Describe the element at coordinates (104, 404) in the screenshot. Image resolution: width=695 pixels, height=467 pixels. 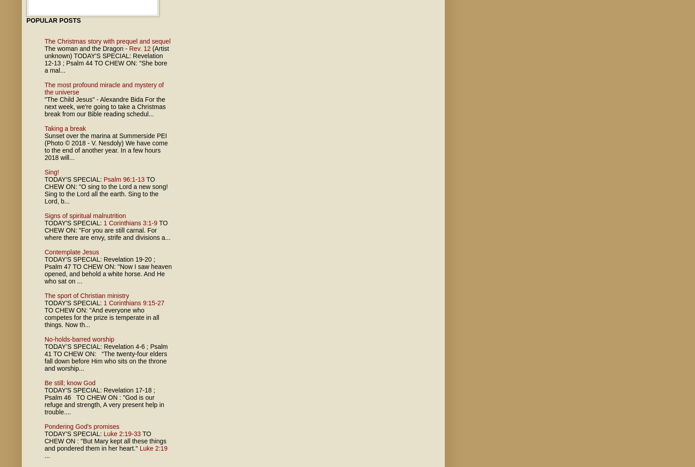
I see `'TO CHEW ON : "God is our refuge and strength, A very present help in trouble....'` at that location.